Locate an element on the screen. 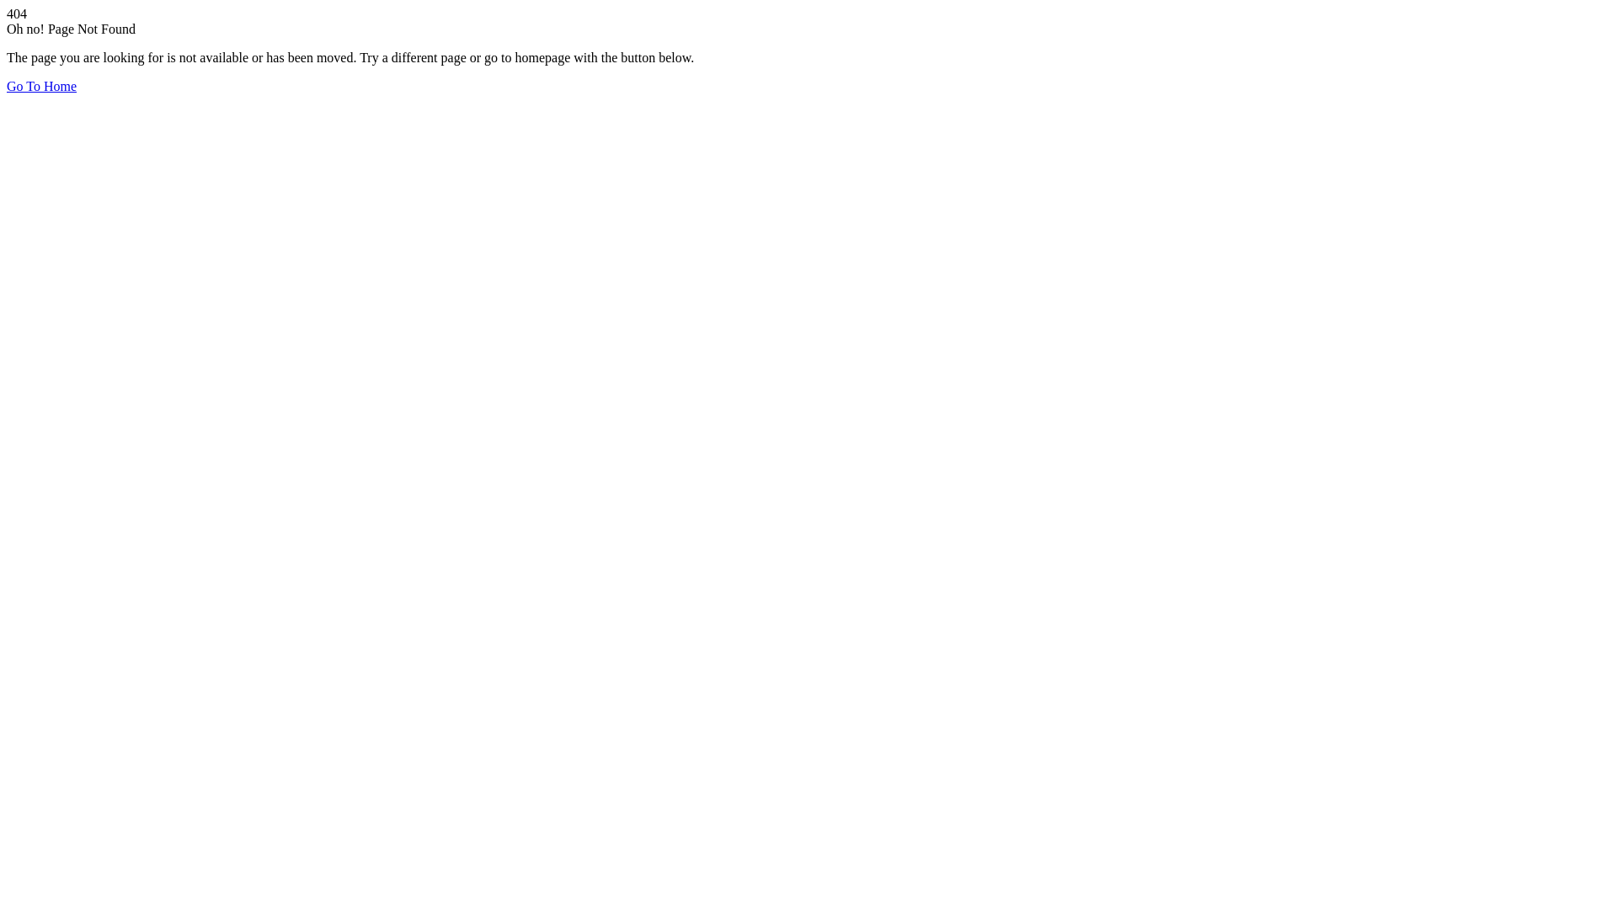 The height and width of the screenshot is (909, 1617). 'Go To Home' is located at coordinates (41, 86).